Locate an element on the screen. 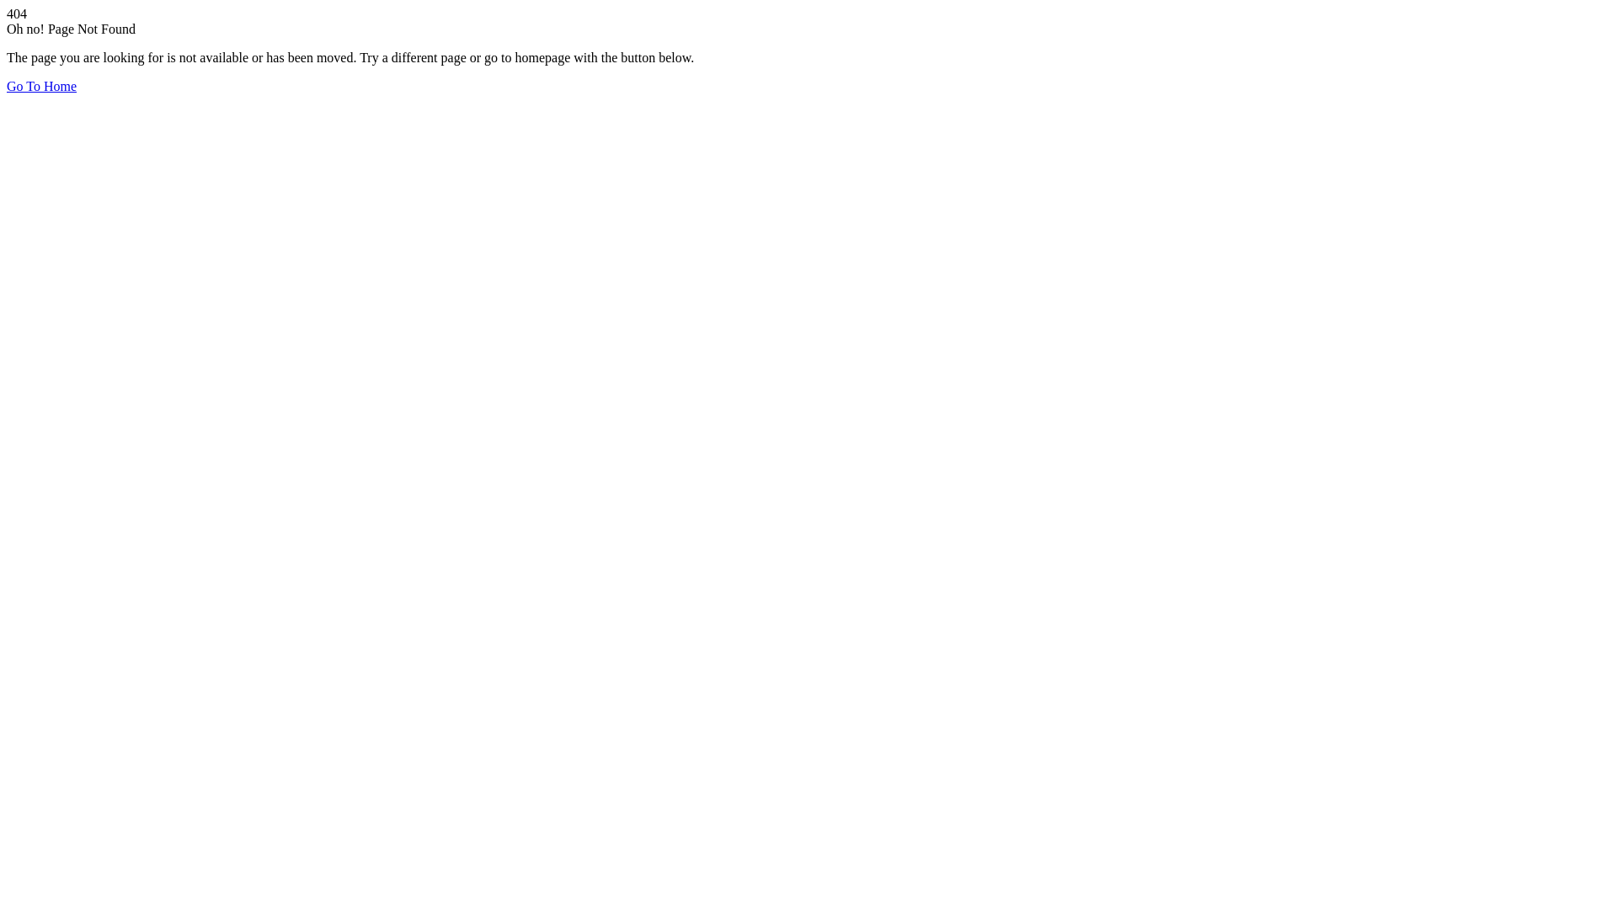 The height and width of the screenshot is (909, 1617). 'Go To Home' is located at coordinates (41, 86).